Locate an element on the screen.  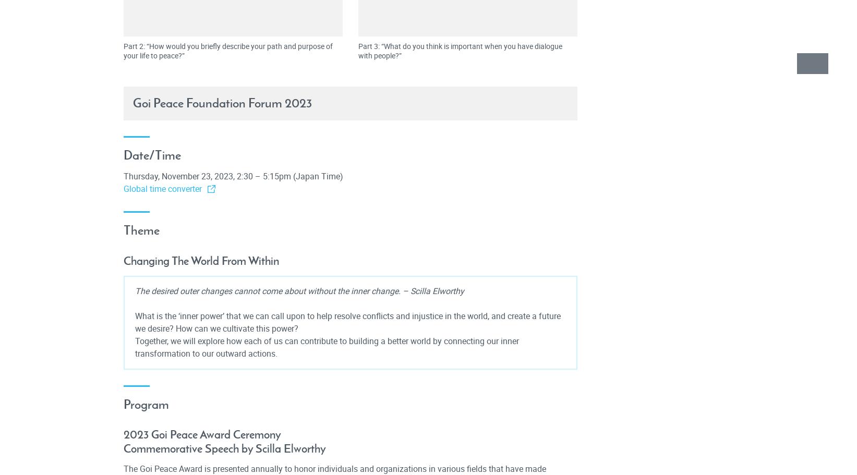
'2023 Goi Peace Award Ceremony' is located at coordinates (201, 434).